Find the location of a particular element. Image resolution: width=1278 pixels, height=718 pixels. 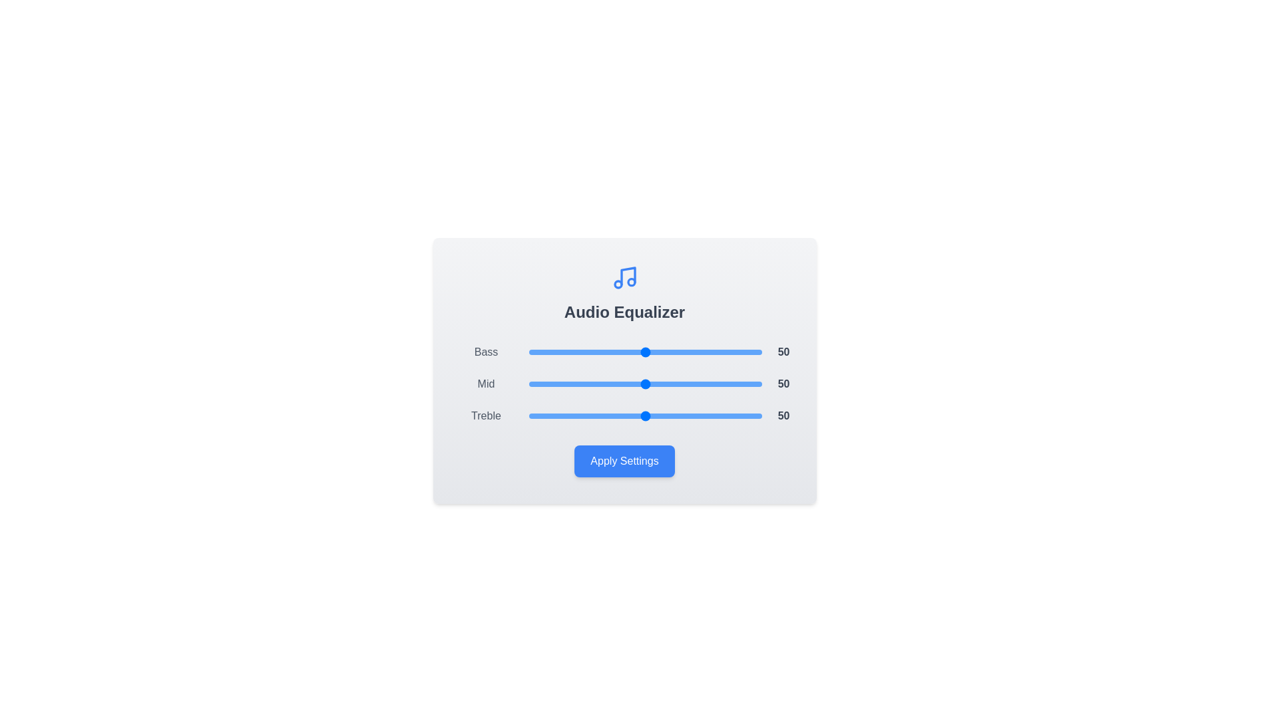

the Treble slider to 37 is located at coordinates (614, 415).